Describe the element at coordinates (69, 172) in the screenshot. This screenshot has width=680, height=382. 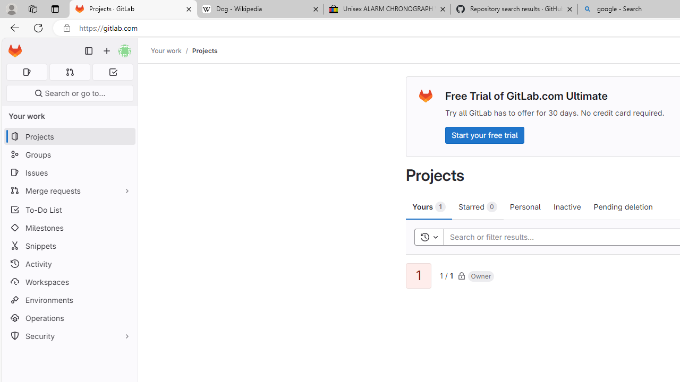
I see `'Issues'` at that location.